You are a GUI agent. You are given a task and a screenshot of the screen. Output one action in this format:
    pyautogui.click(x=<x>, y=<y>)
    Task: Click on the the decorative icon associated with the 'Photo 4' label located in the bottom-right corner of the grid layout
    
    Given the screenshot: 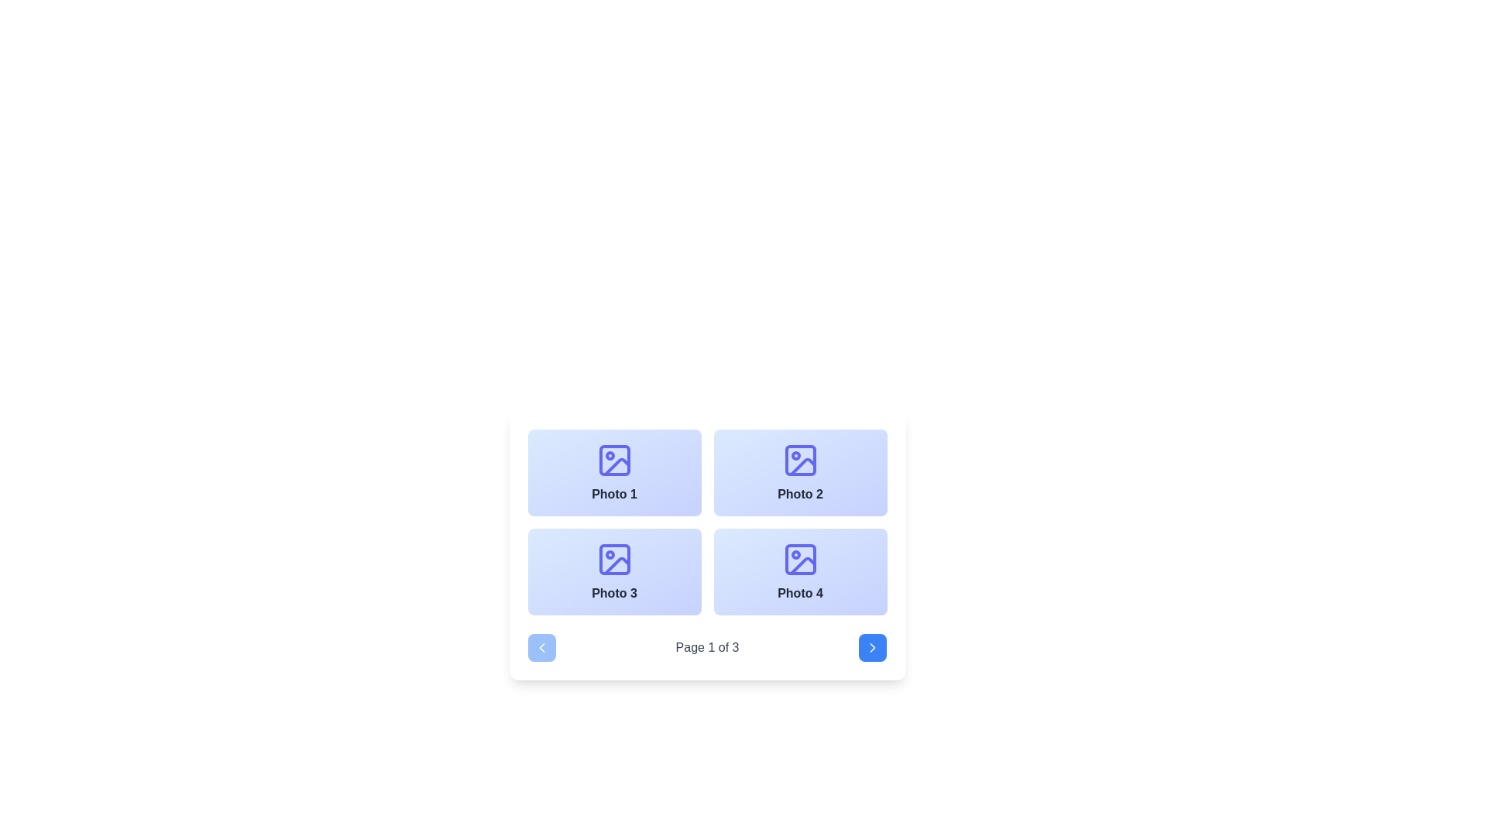 What is the action you would take?
    pyautogui.click(x=800, y=559)
    